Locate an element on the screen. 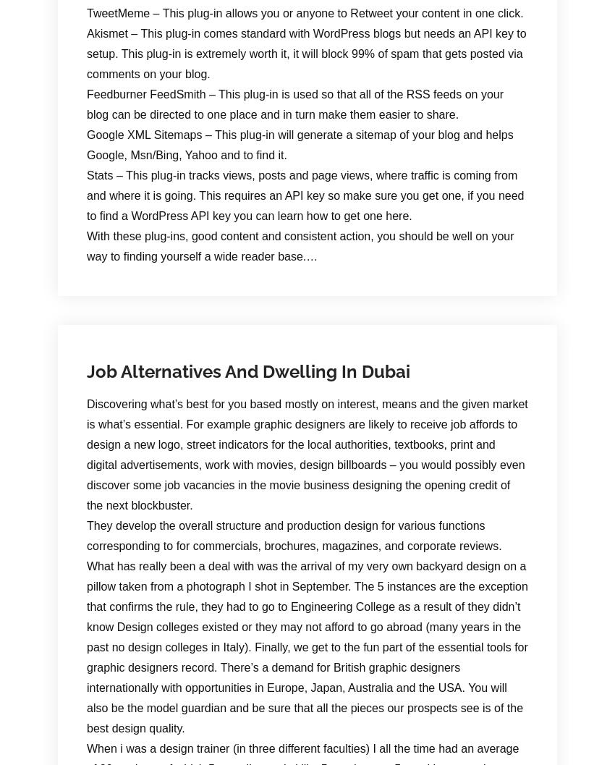 The image size is (615, 765). 'Google XML Sitemaps – This plug-in will generate a sitemap of your blog and helps Google, Msn/Bing, Yahoo and  to find it.' is located at coordinates (300, 144).